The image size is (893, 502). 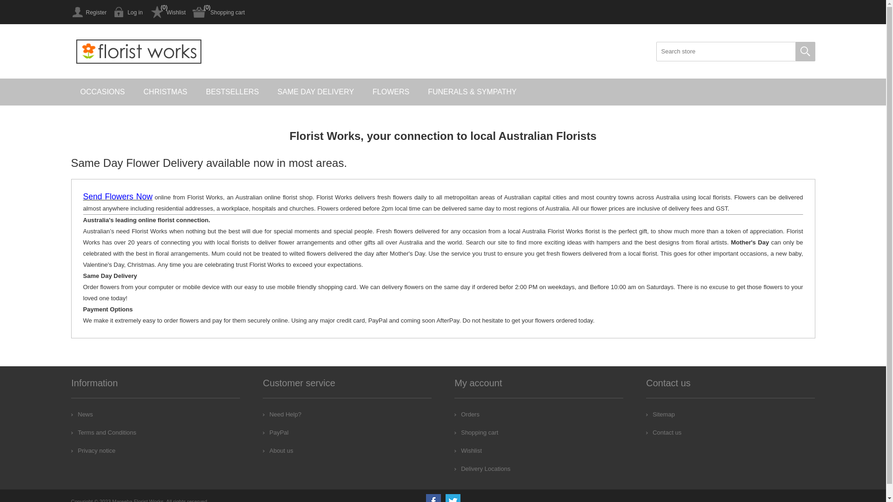 I want to click on 'Log in', so click(x=127, y=12).